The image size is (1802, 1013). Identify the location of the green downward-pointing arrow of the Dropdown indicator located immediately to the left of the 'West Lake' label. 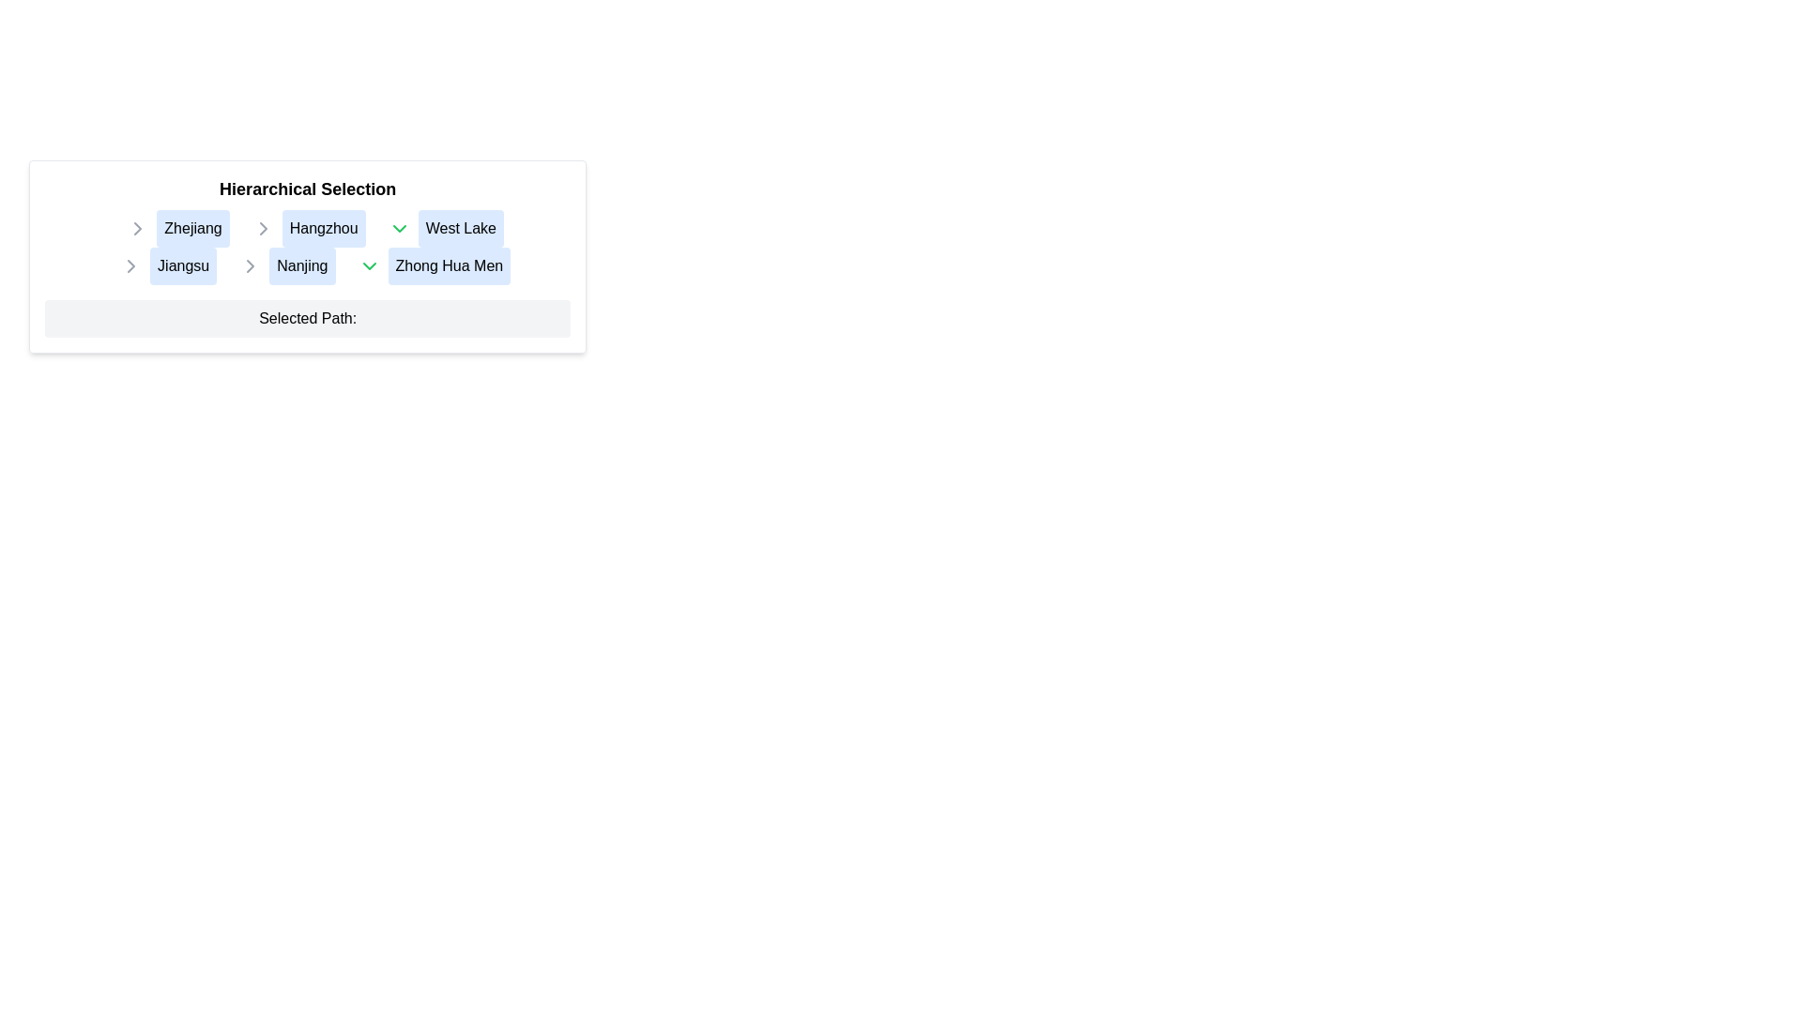
(398, 227).